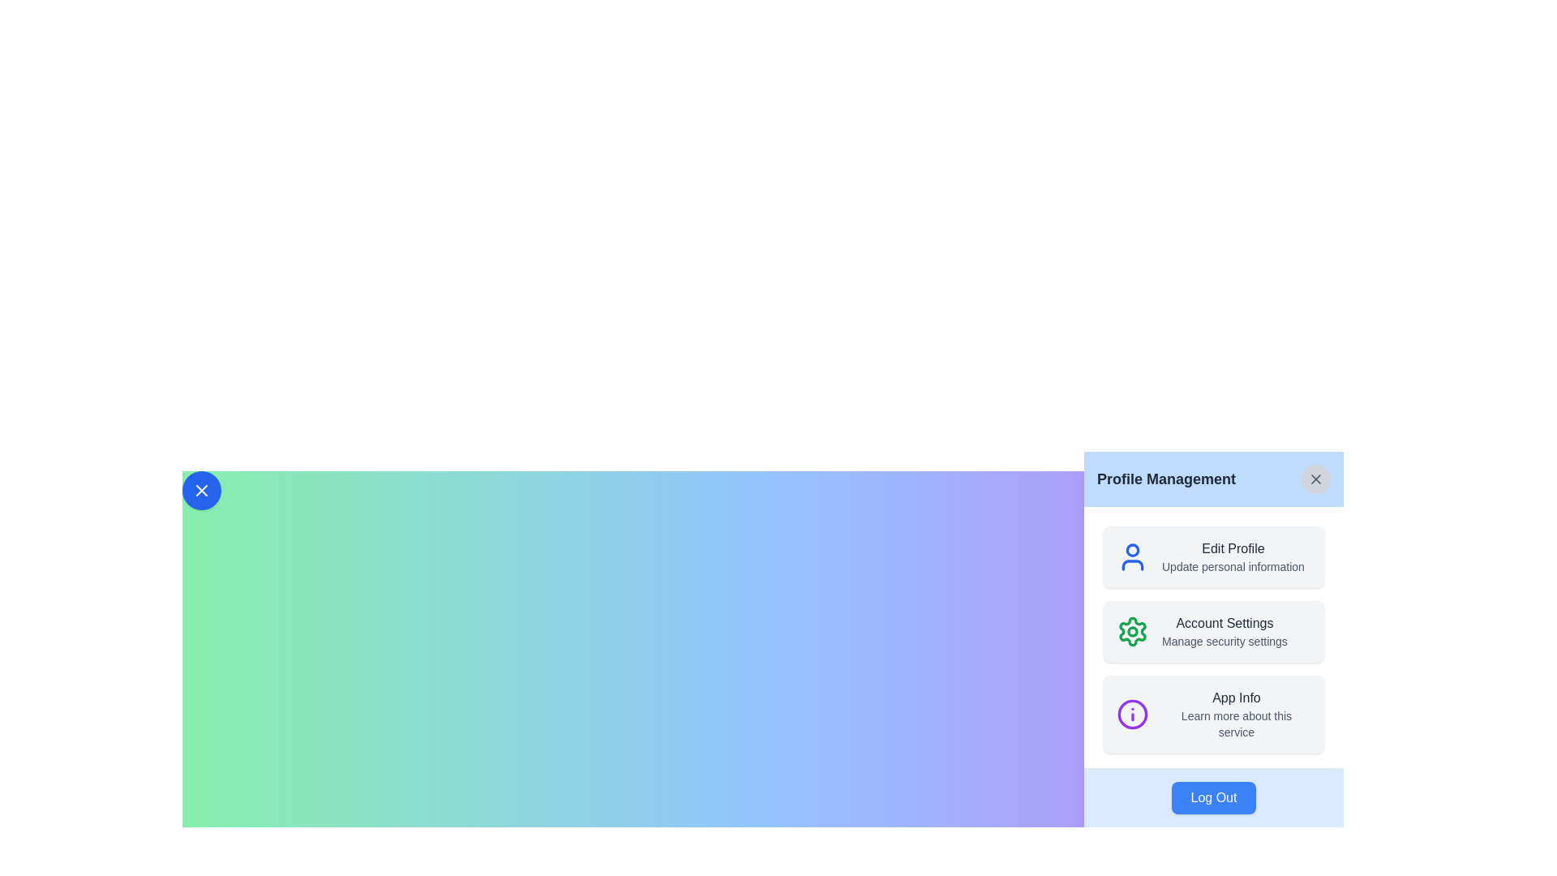  I want to click on the text label 'Update personal information' located below the 'Edit Profile' header, so click(1233, 565).